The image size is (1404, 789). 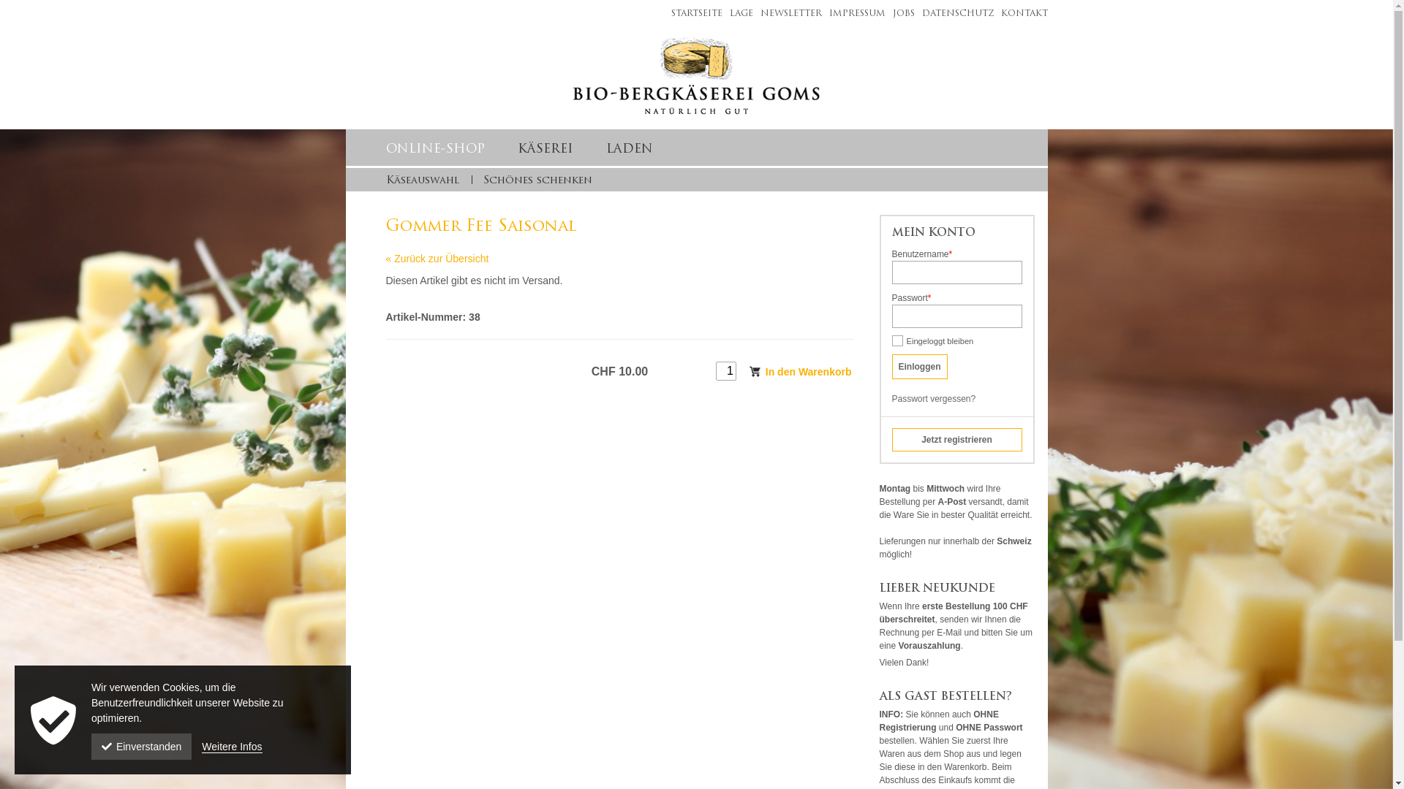 What do you see at coordinates (737, 14) in the screenshot?
I see `'LAGE'` at bounding box center [737, 14].